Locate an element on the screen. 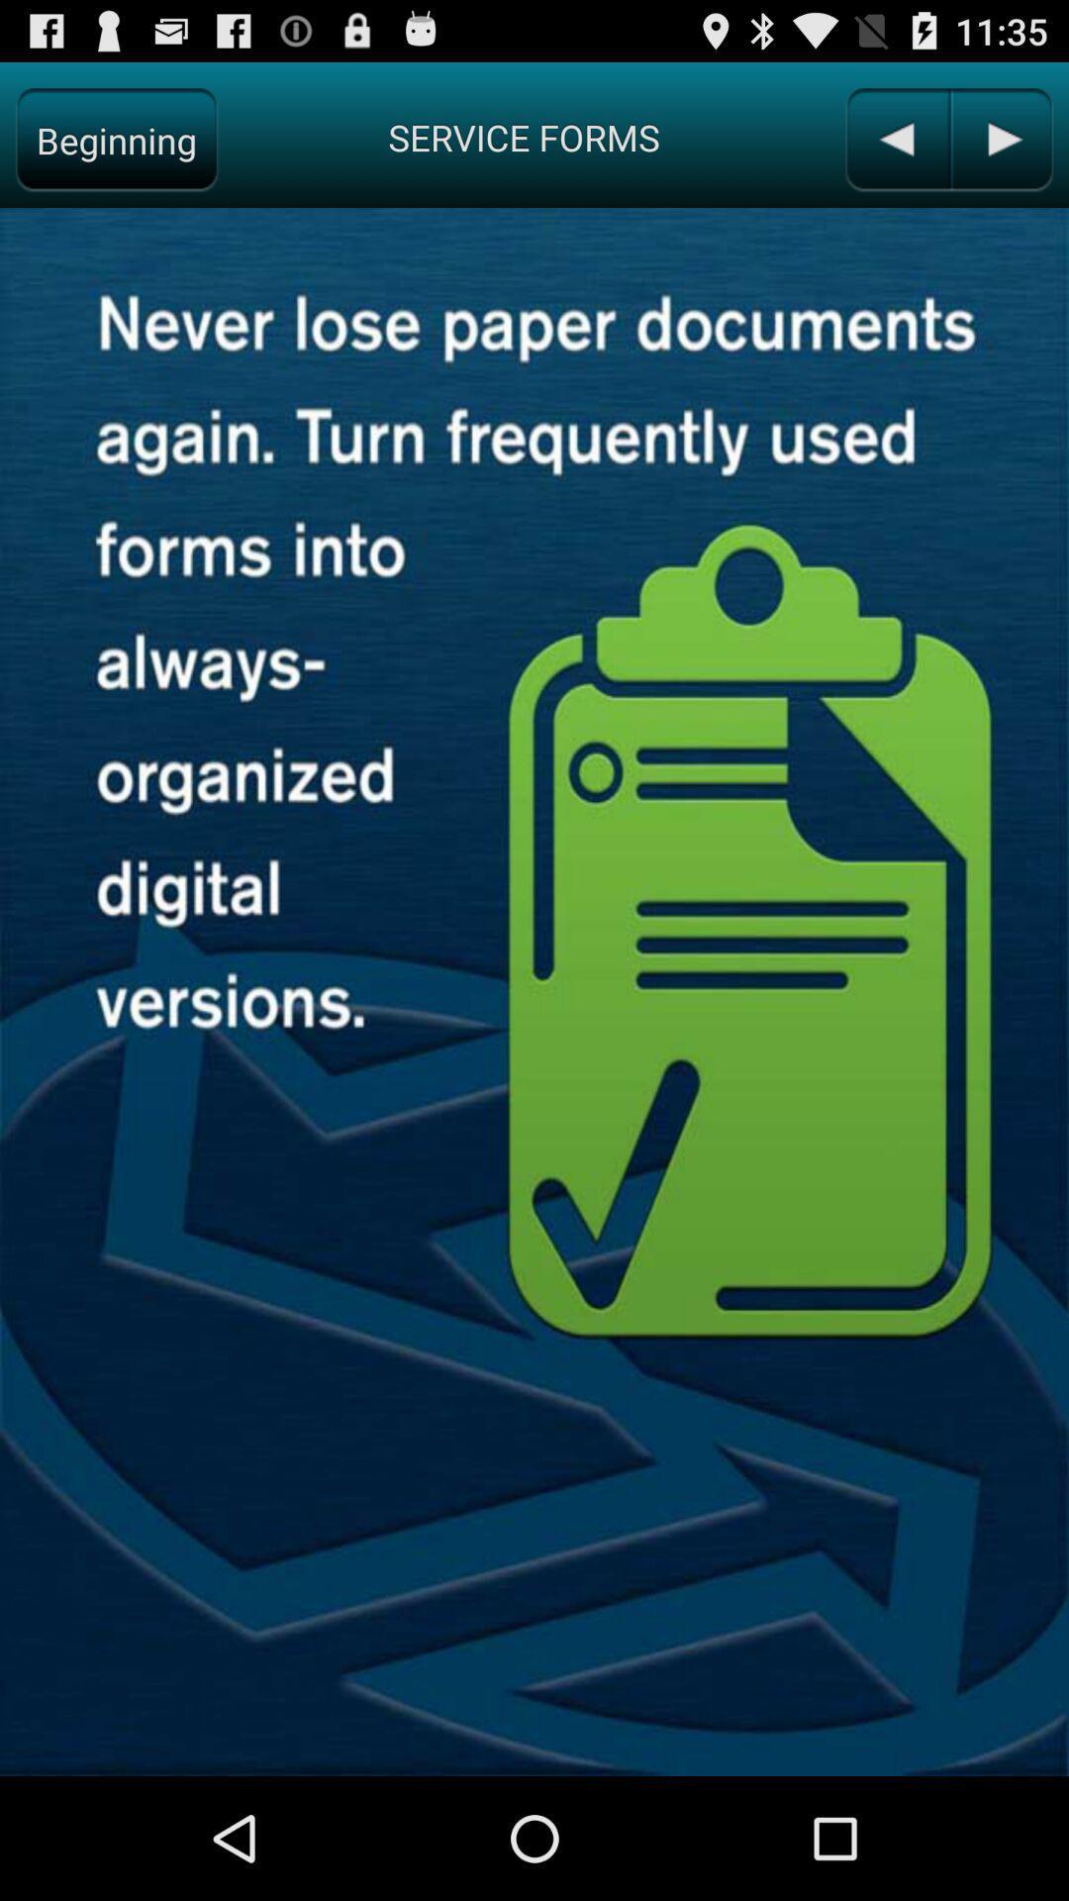 This screenshot has height=1901, width=1069. the next is located at coordinates (1001, 139).